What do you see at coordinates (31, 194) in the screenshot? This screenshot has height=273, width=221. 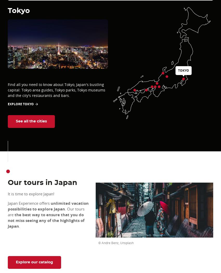 I see `'It is time to explore Japan!'` at bounding box center [31, 194].